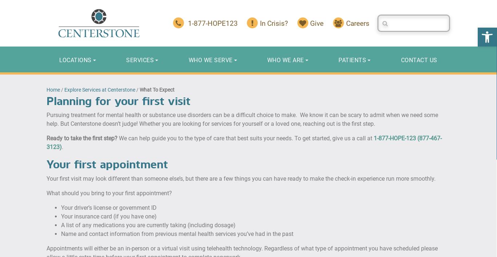 This screenshot has width=497, height=257. I want to click on 'Your insurance card (if you have one)', so click(109, 216).